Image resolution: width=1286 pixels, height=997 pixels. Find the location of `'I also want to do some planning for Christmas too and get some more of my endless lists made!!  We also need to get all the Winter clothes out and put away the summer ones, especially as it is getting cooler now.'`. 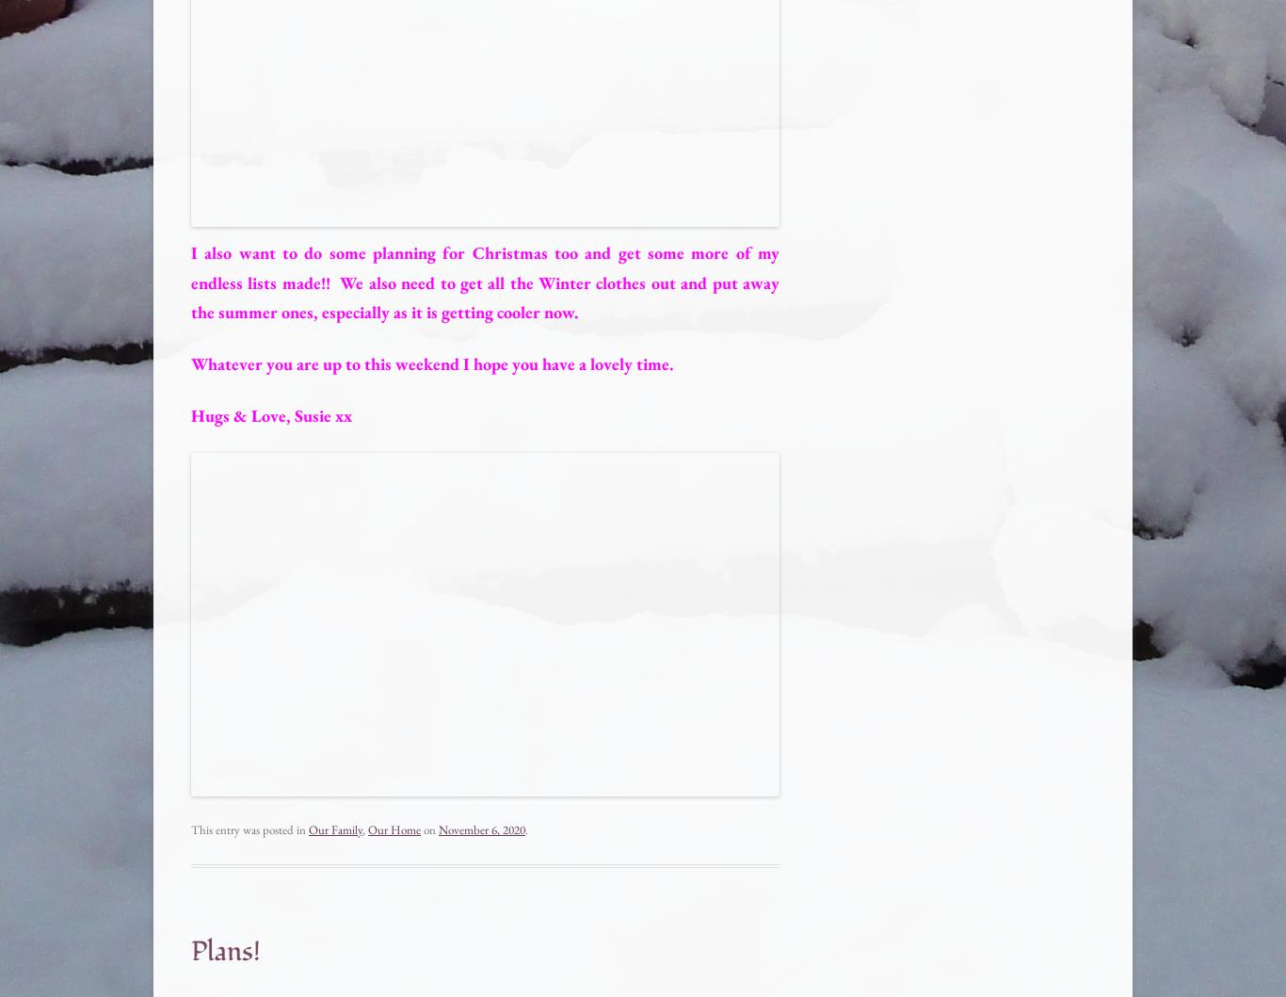

'I also want to do some planning for Christmas too and get some more of my endless lists made!!  We also need to get all the Winter clothes out and put away the summer ones, especially as it is getting cooler now.' is located at coordinates (484, 281).